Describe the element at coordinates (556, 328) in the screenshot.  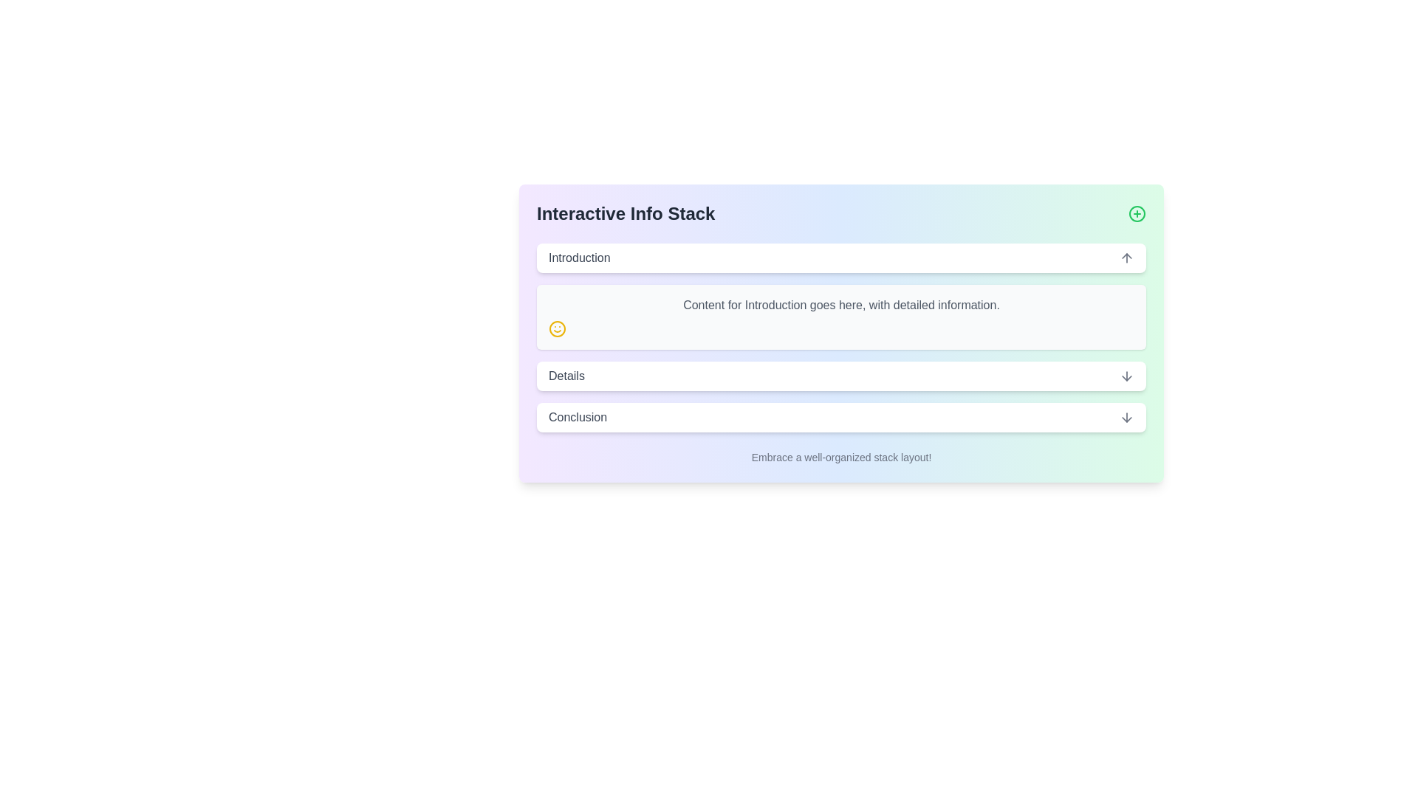
I see `the positivity icon located below the text 'Content for Introduction goes here, with detailed information.'` at that location.